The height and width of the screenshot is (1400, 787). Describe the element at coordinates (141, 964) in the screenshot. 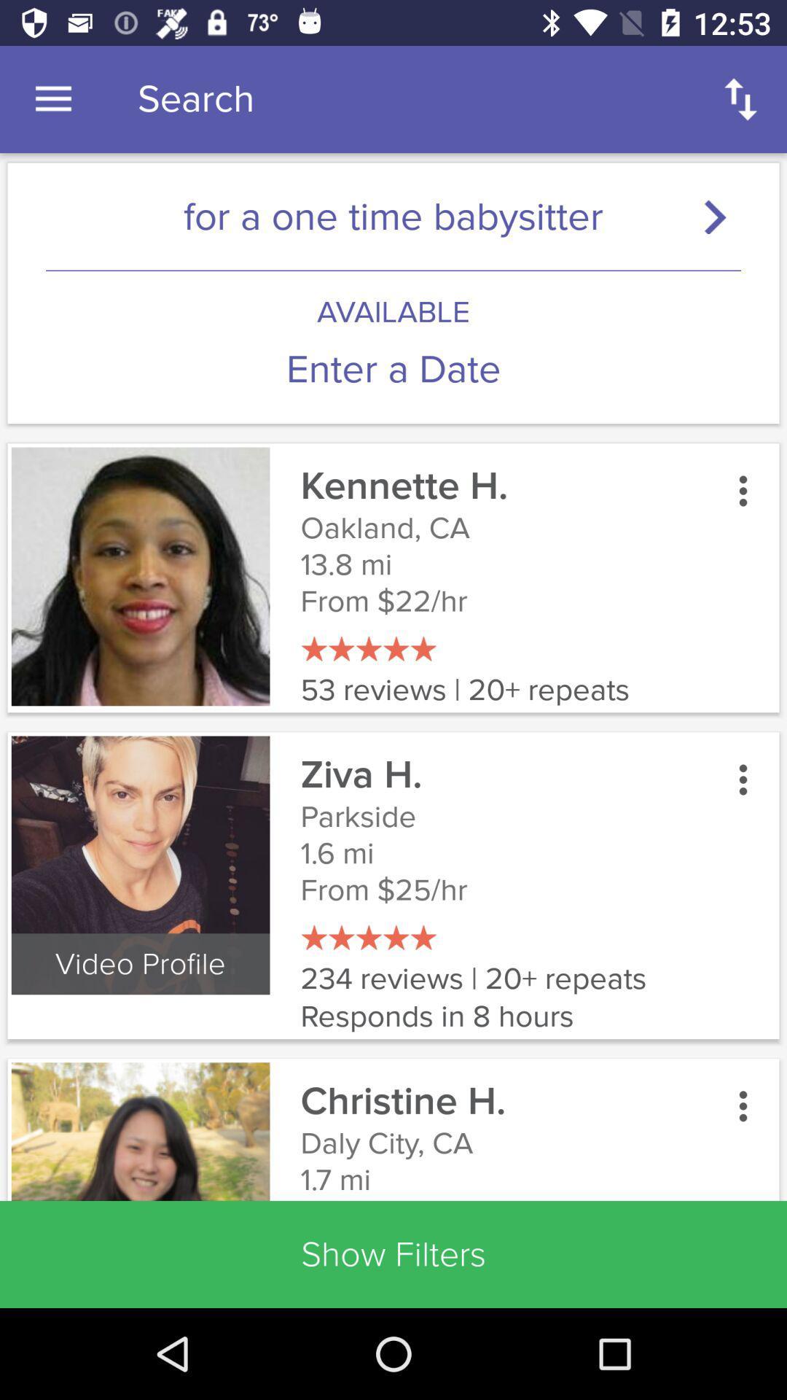

I see `the video profile icon` at that location.